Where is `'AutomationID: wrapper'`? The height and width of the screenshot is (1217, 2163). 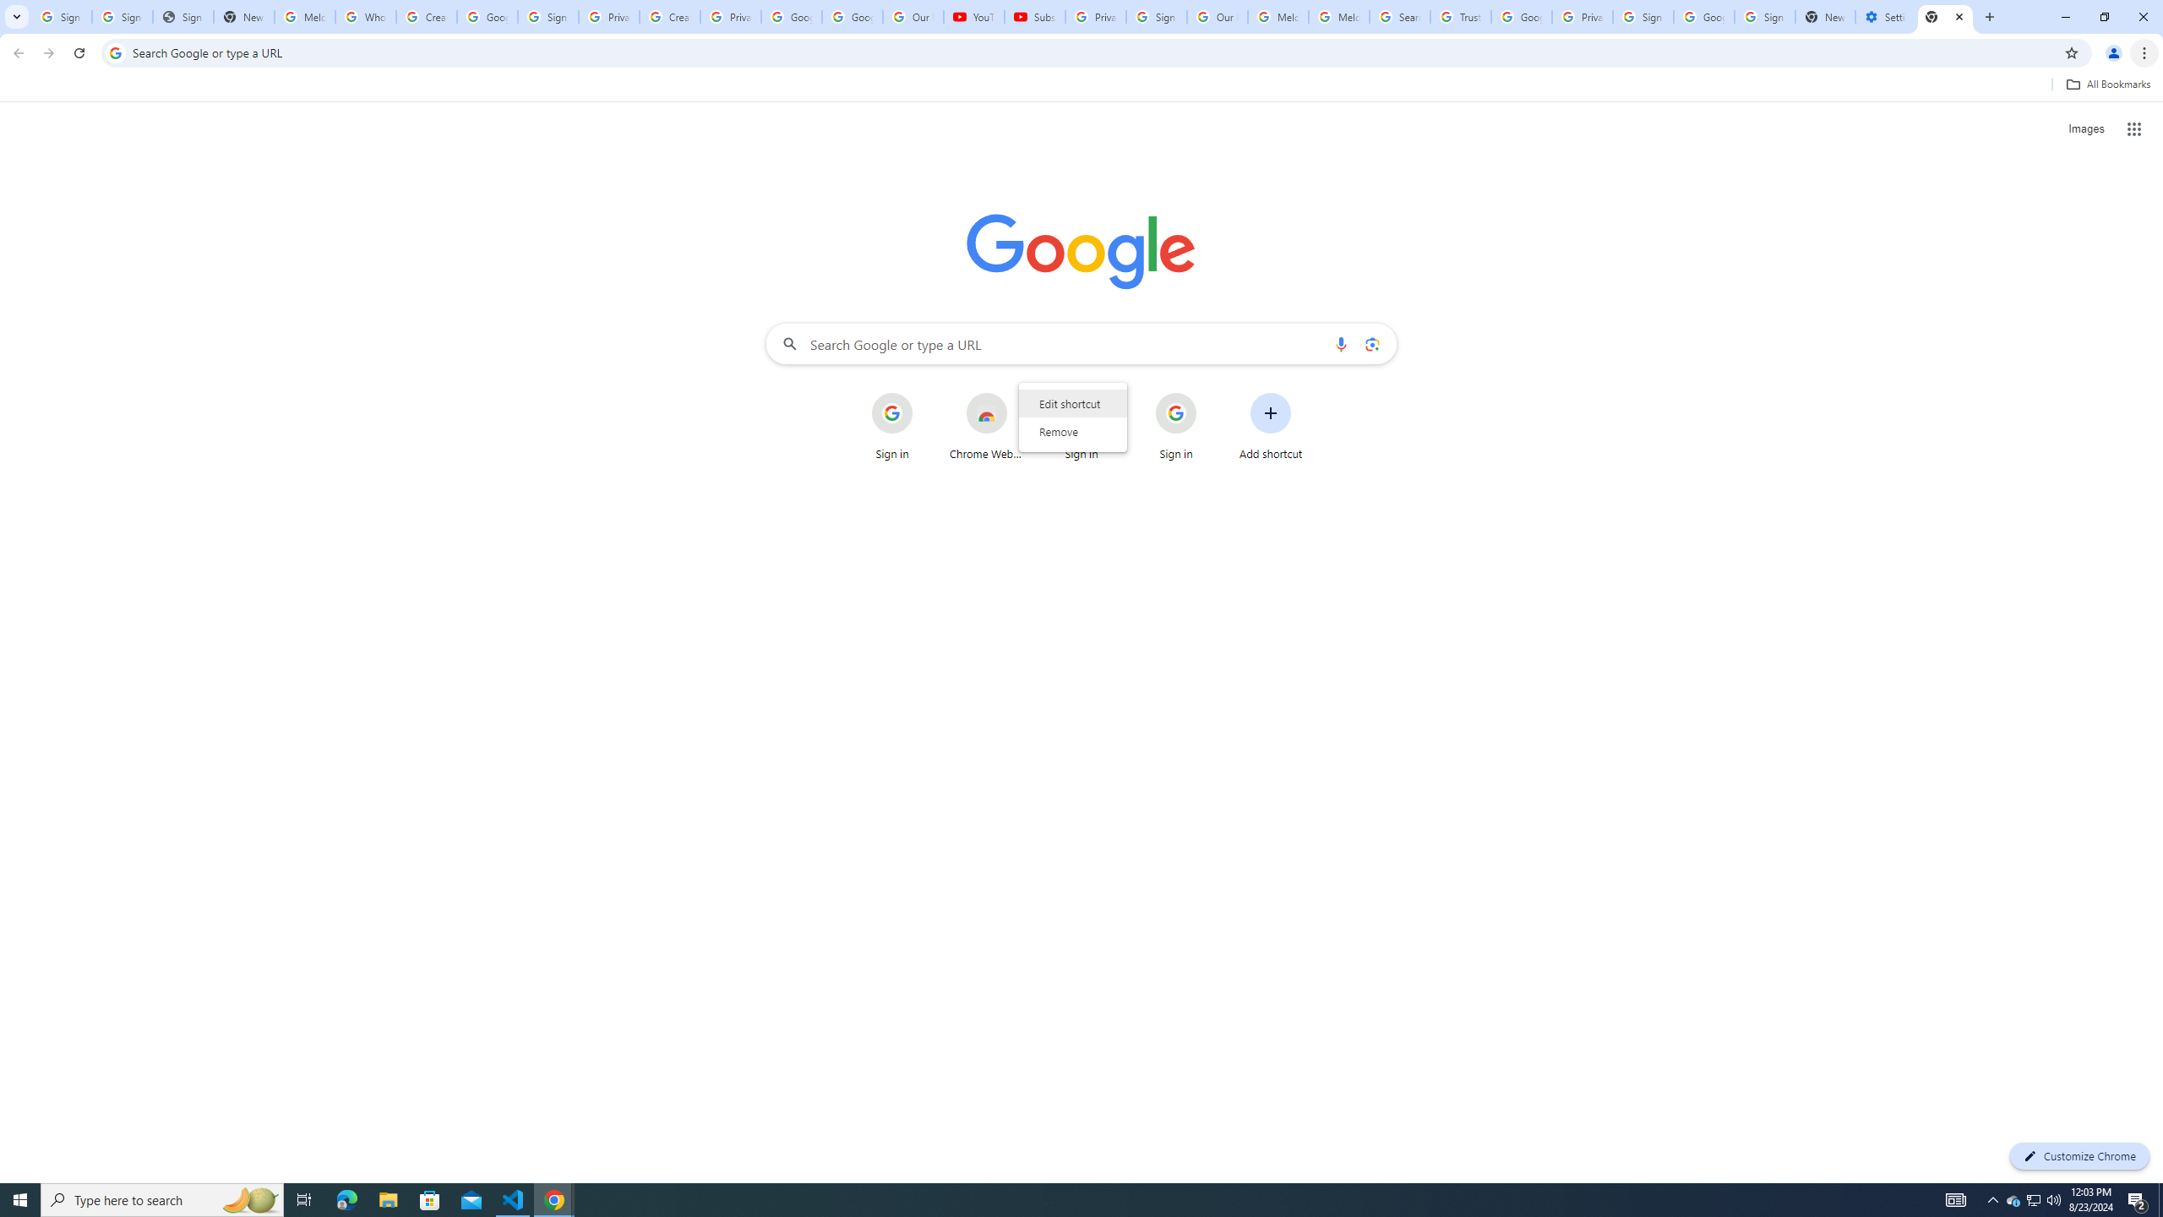
'AutomationID: wrapper' is located at coordinates (1071, 417).